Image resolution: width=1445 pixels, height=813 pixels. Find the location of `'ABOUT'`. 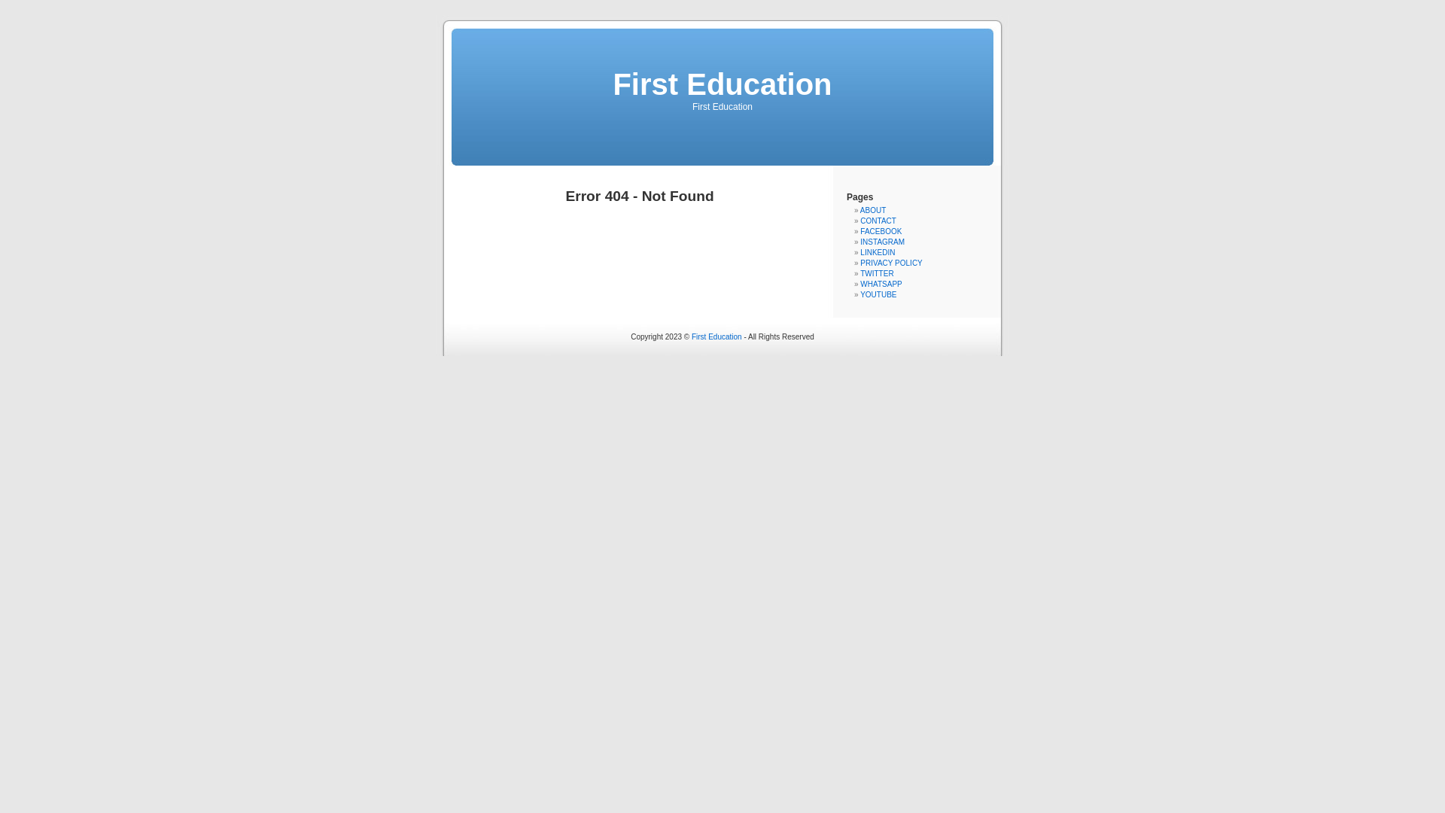

'ABOUT' is located at coordinates (859, 210).